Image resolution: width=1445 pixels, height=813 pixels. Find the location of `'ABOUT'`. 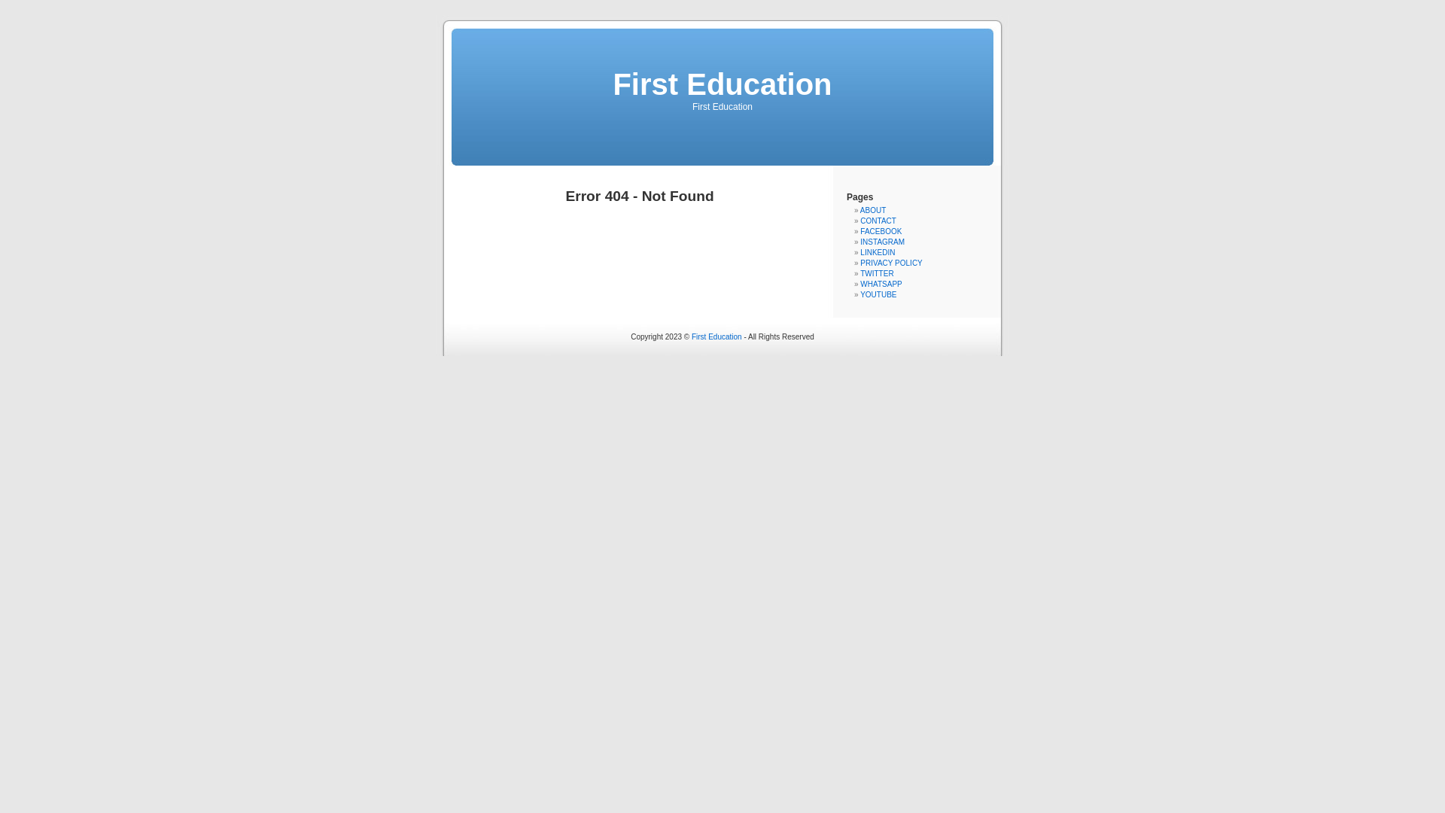

'ABOUT' is located at coordinates (859, 210).